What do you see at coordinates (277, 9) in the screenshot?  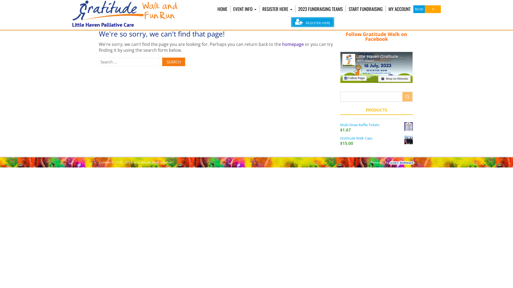 I see `'REGISTER HERE'` at bounding box center [277, 9].